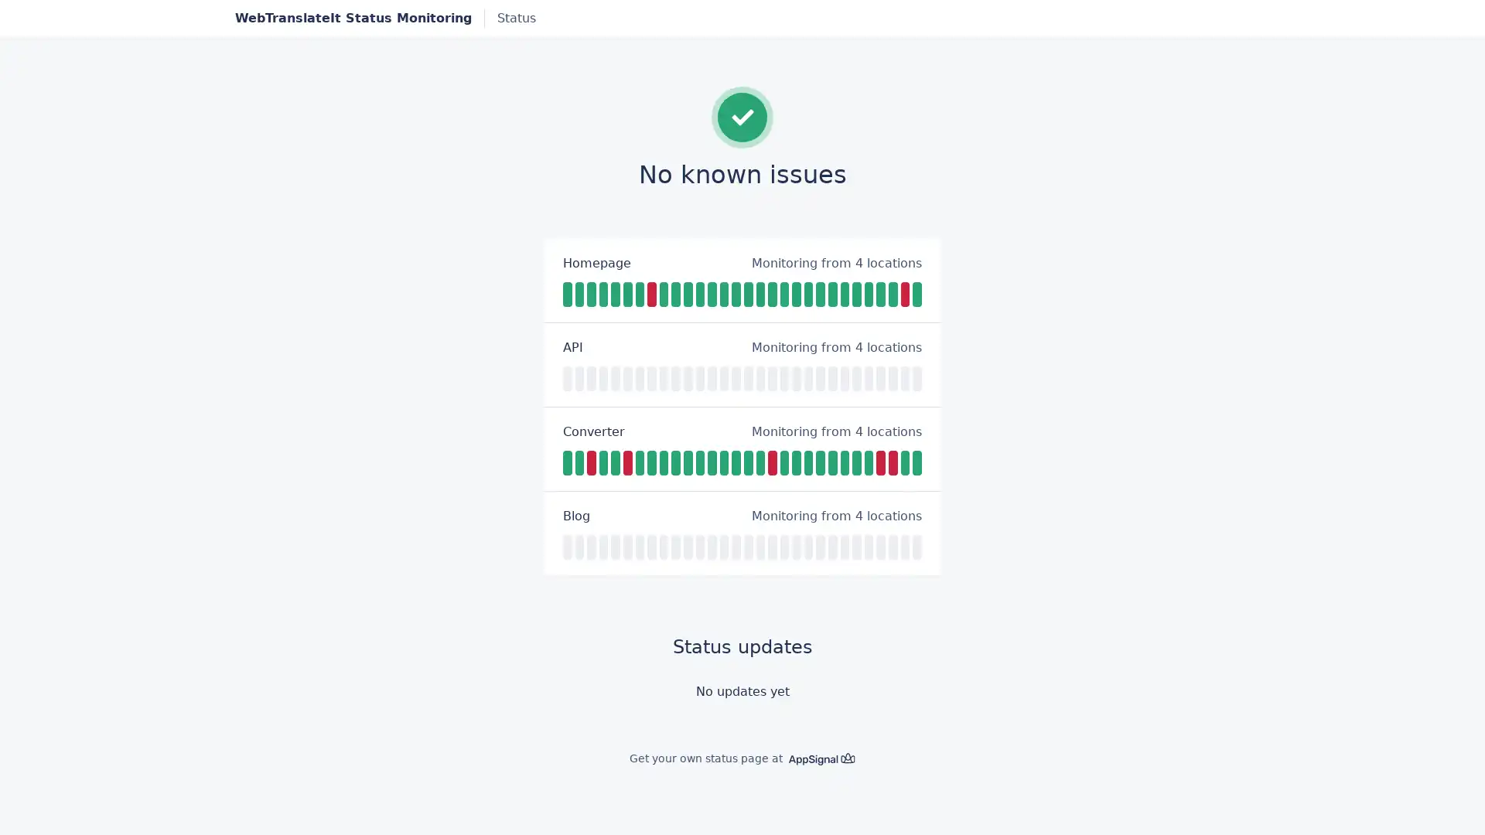 The image size is (1485, 835). Describe the element at coordinates (596, 261) in the screenshot. I see `Homepage` at that location.